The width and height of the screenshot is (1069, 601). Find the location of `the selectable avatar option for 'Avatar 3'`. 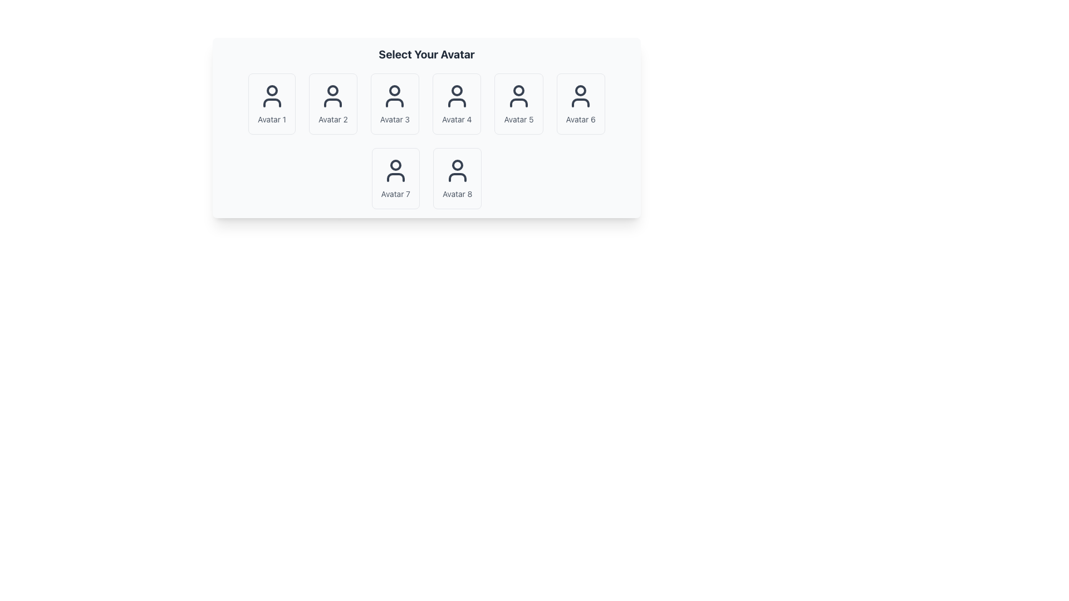

the selectable avatar option for 'Avatar 3' is located at coordinates (395, 104).